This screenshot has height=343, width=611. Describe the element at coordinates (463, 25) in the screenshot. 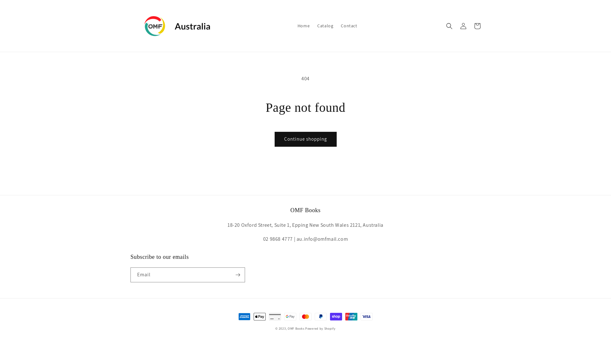

I see `'Log in'` at that location.